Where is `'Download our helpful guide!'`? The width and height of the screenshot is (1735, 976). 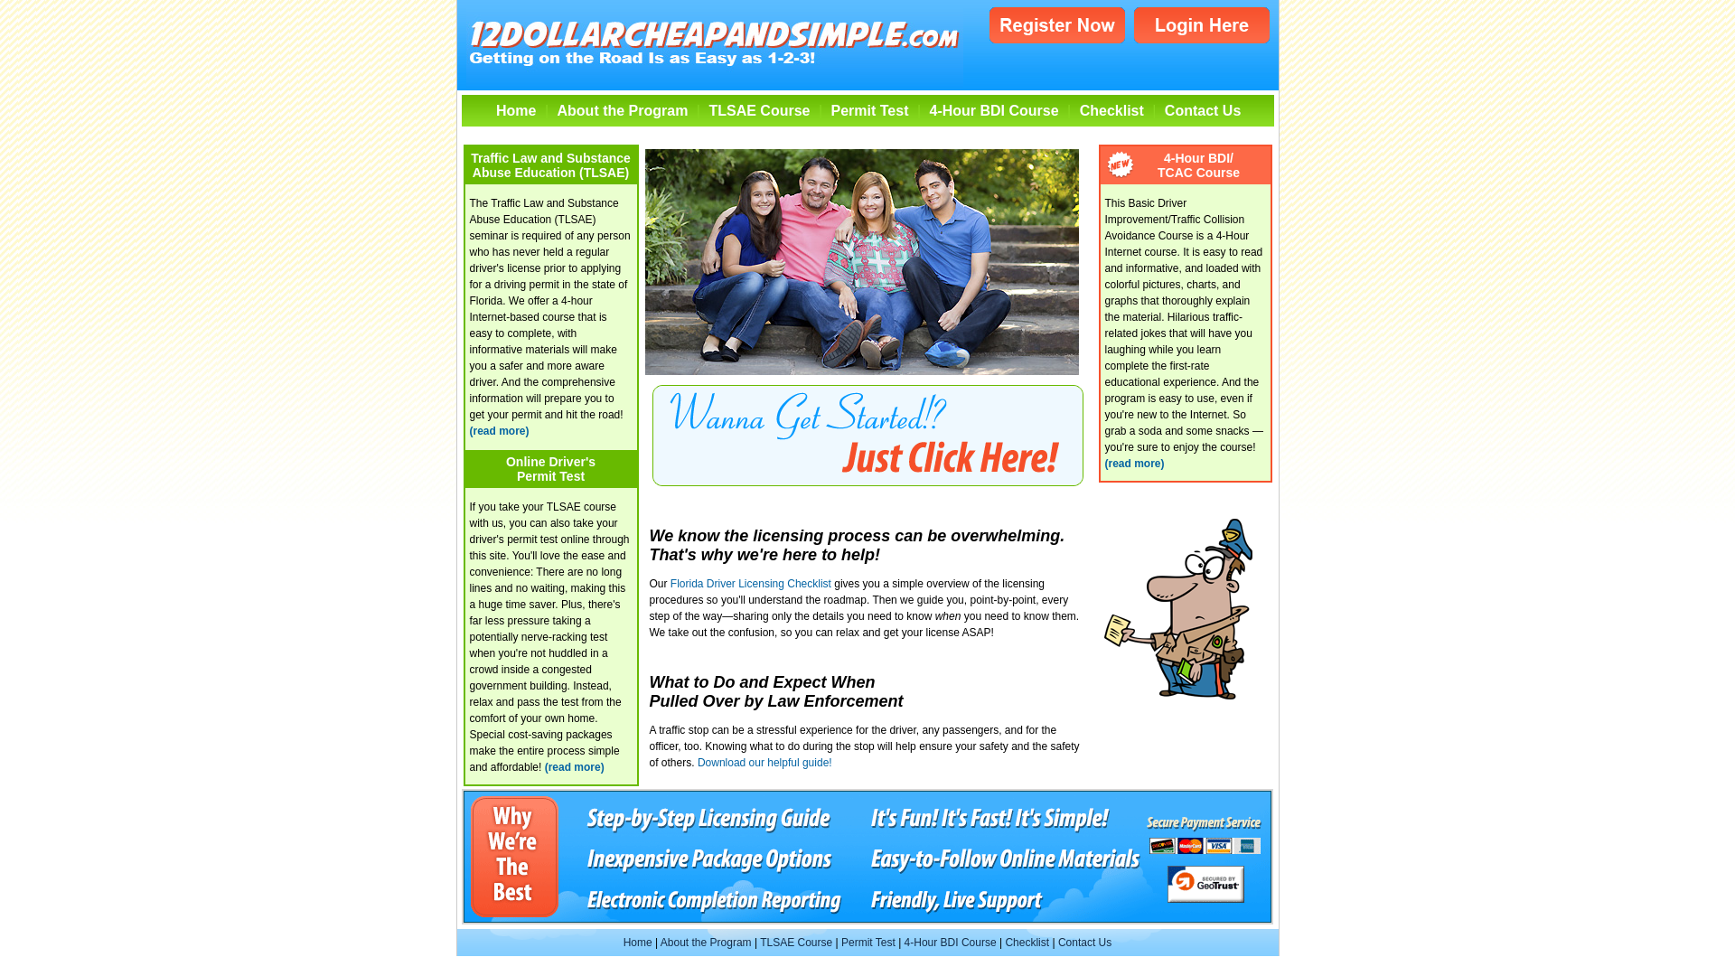 'Download our helpful guide!' is located at coordinates (697, 763).